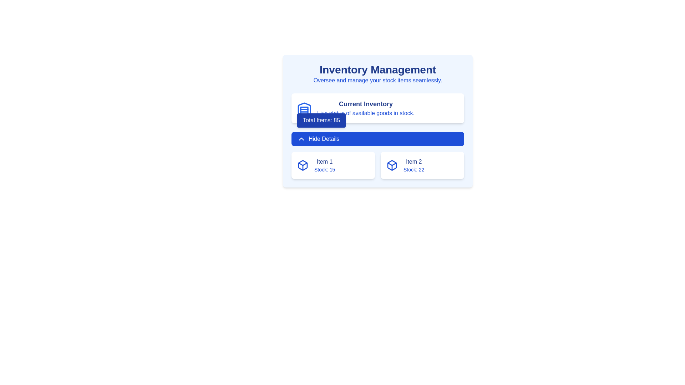  Describe the element at coordinates (377, 139) in the screenshot. I see `the button located below the 'Current Inventory' section to hide the detailed information displayed below it` at that location.